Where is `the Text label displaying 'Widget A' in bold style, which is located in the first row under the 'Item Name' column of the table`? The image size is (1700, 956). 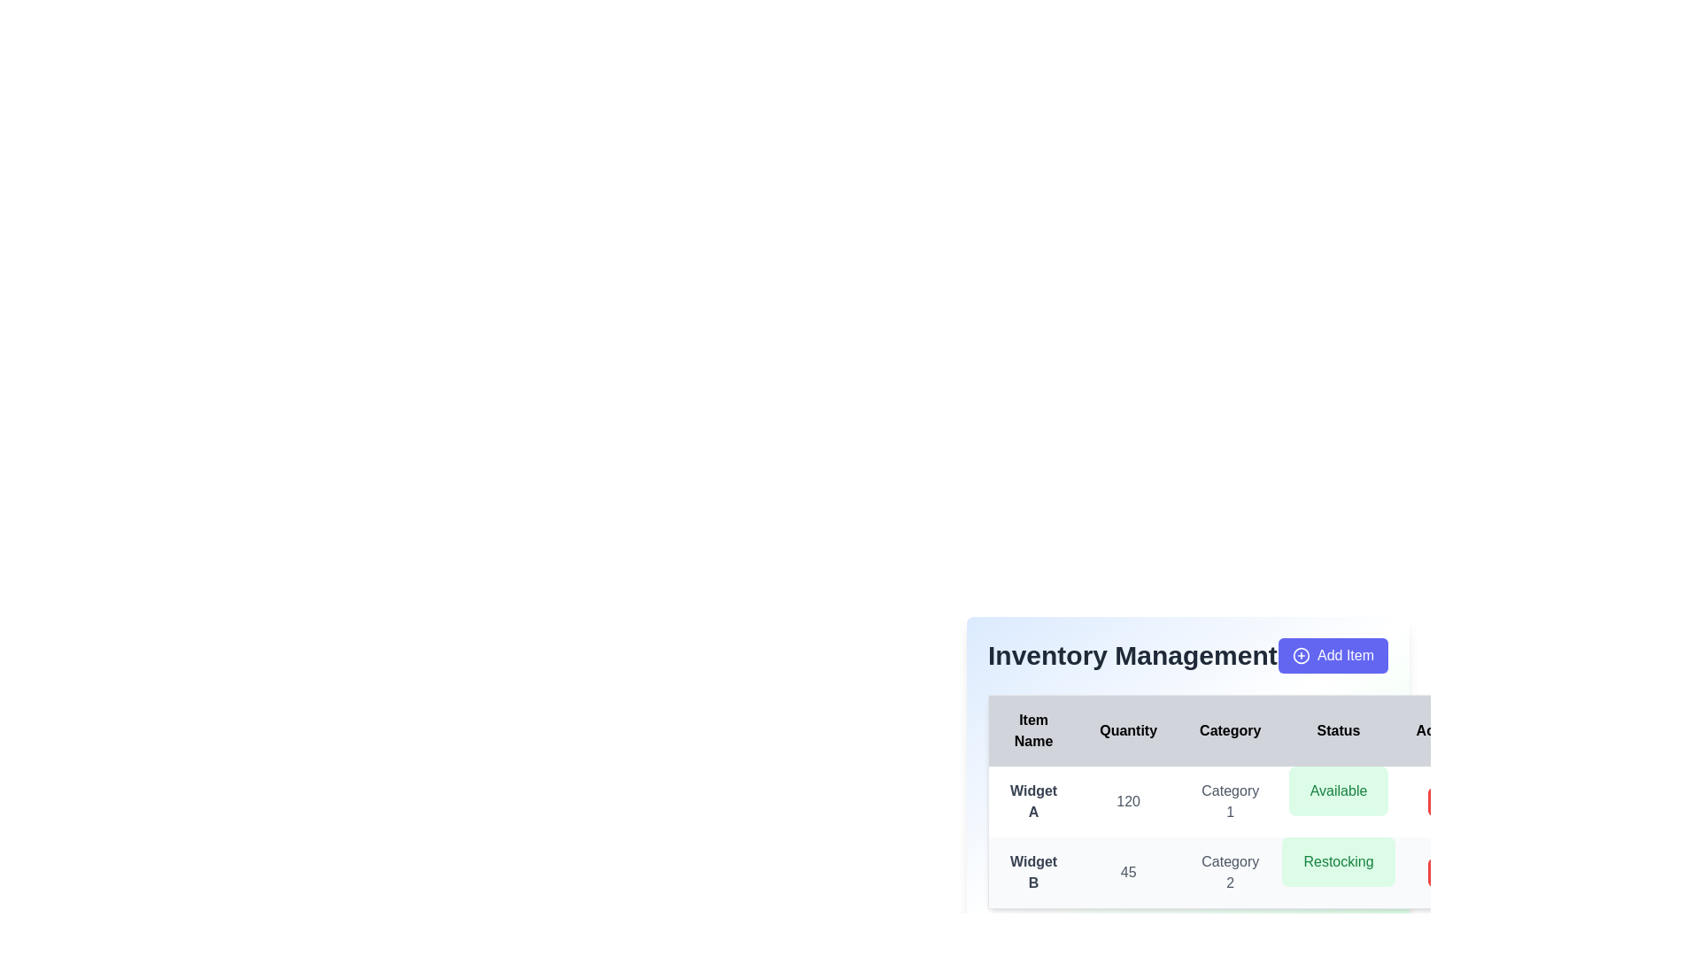 the Text label displaying 'Widget A' in bold style, which is located in the first row under the 'Item Name' column of the table is located at coordinates (1033, 802).